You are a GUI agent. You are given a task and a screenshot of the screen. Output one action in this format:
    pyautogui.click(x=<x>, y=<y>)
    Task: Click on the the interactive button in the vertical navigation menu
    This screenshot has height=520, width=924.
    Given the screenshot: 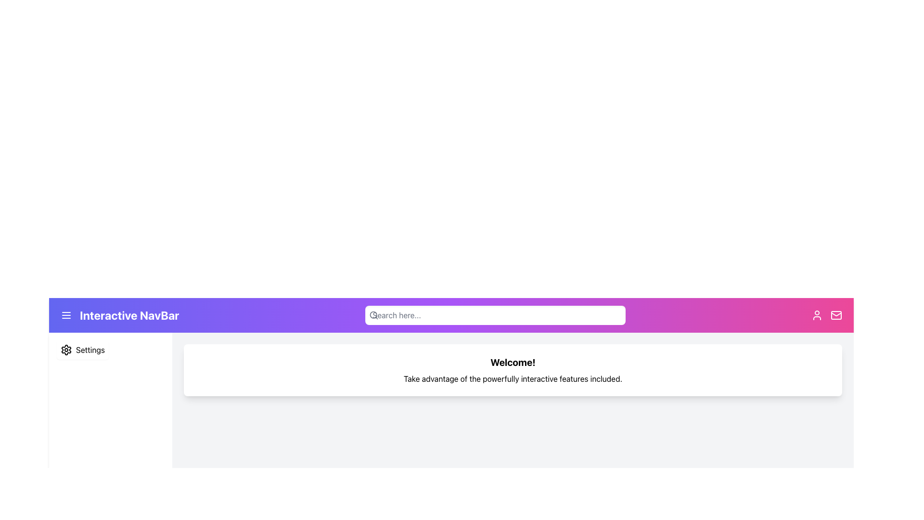 What is the action you would take?
    pyautogui.click(x=111, y=350)
    